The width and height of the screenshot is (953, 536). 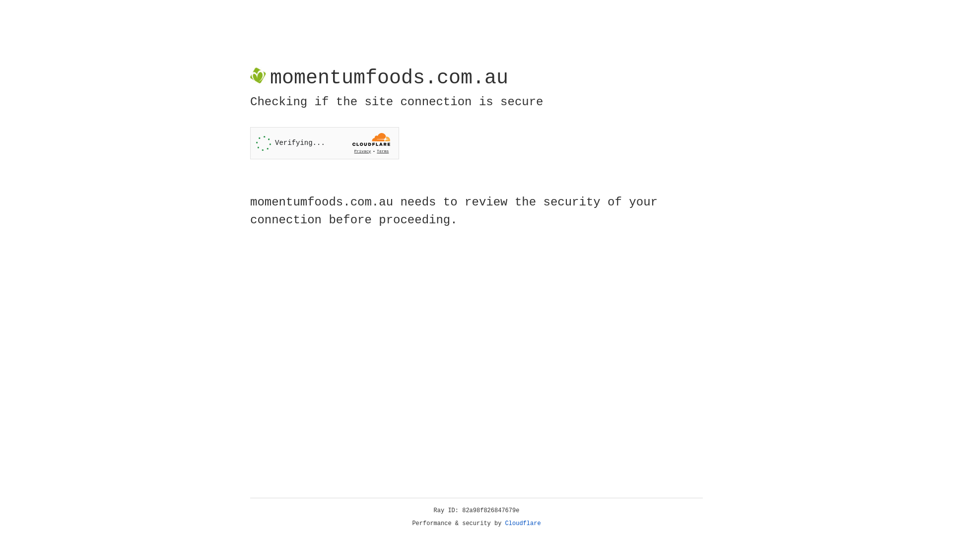 I want to click on 'Cloudflare', so click(x=523, y=523).